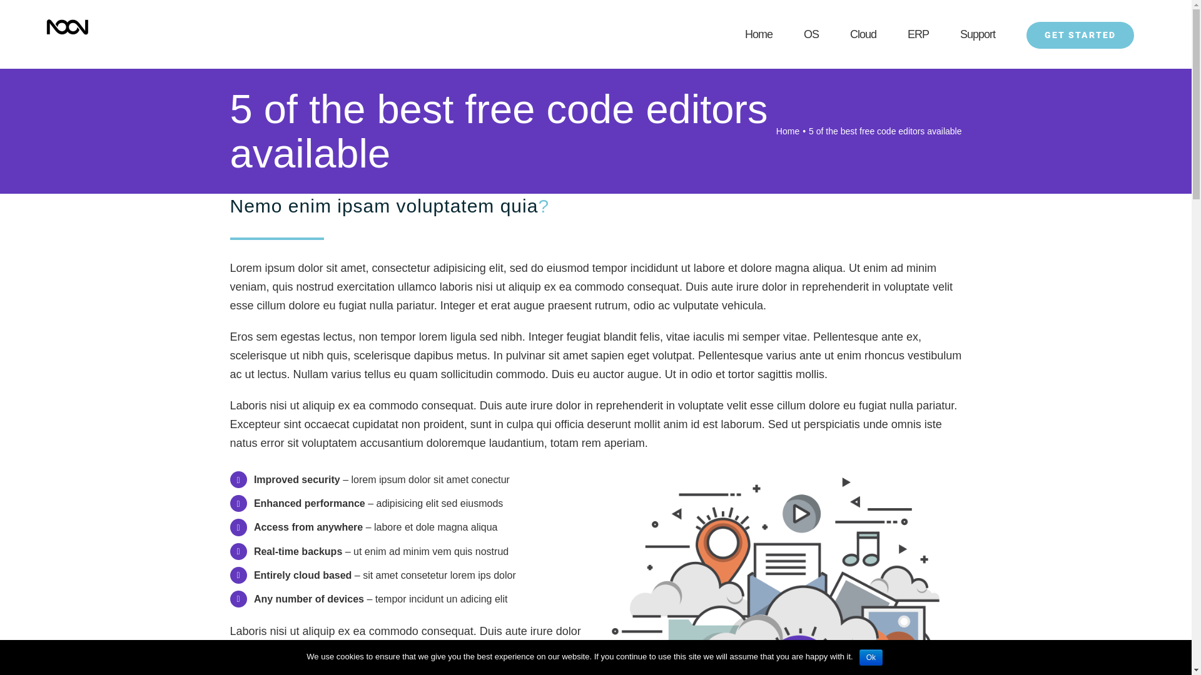  I want to click on 'Support', so click(977, 33).